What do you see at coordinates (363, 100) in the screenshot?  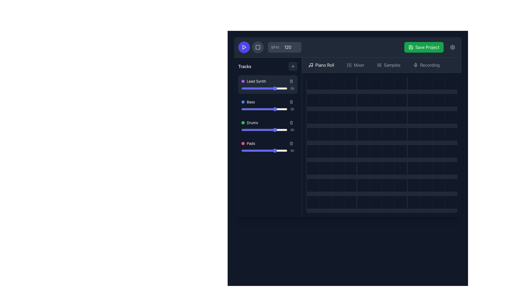 I see `the grid cell located in the second row and fifth column` at bounding box center [363, 100].